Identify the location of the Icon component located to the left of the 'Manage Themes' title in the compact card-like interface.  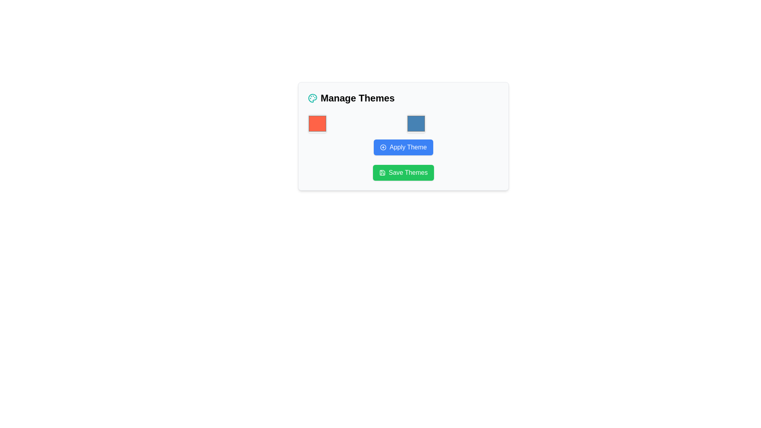
(312, 97).